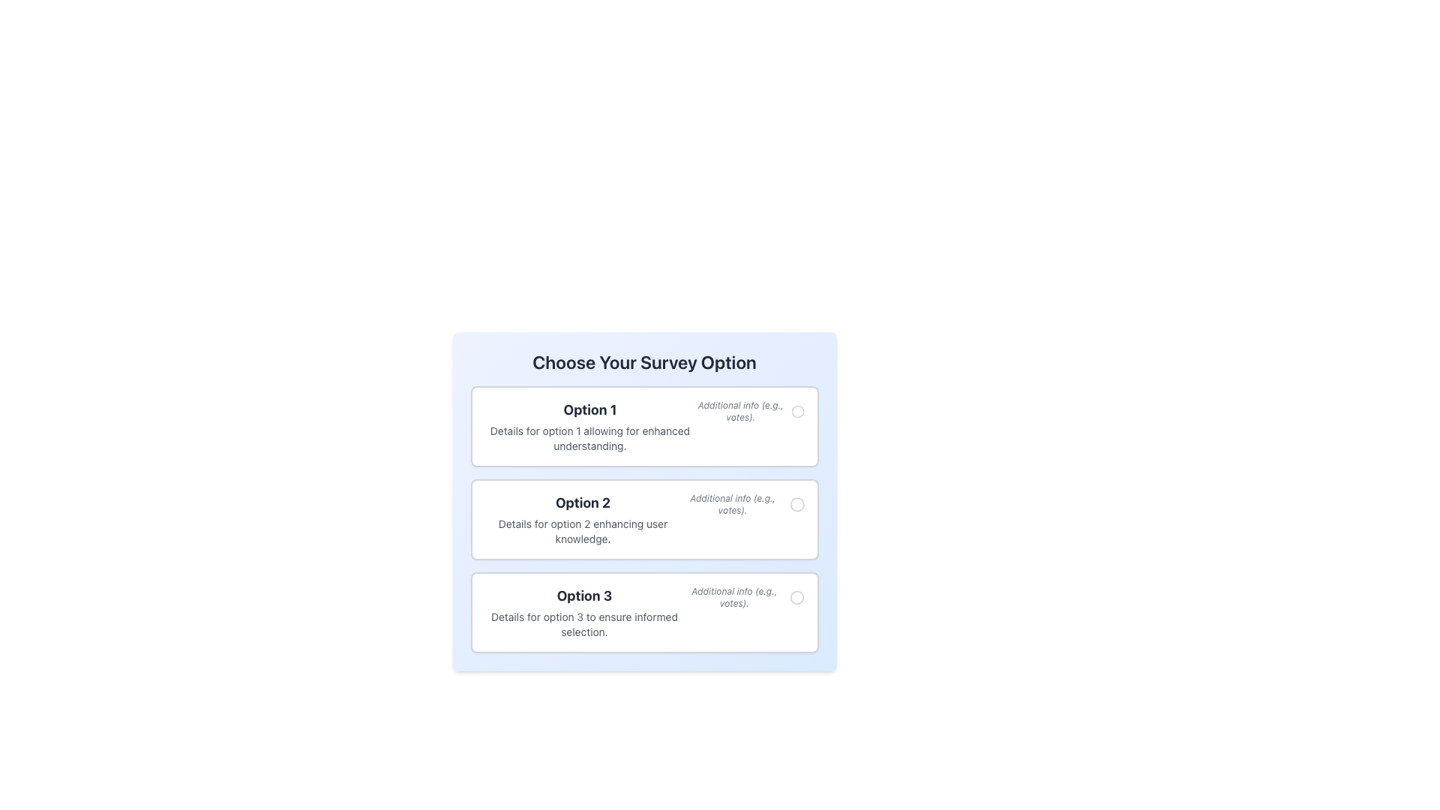 The image size is (1440, 810). I want to click on the static text label displaying 'Additional info (e.g., votes)' which is associated with Option 2 of the survey form, so click(733, 504).